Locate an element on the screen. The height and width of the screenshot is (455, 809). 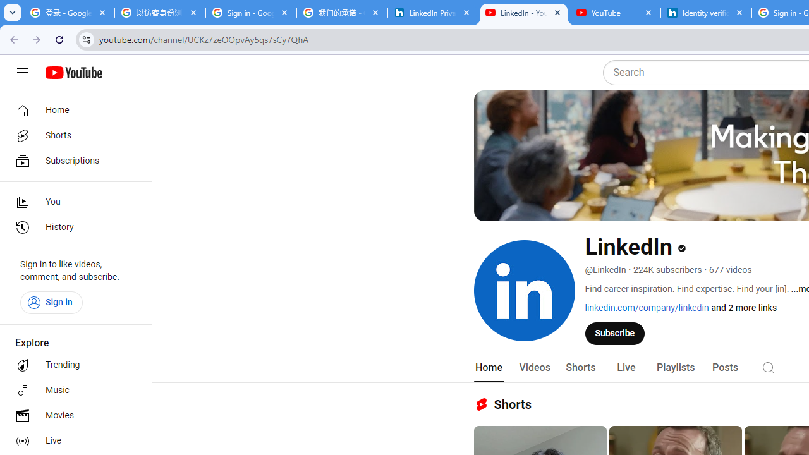
'Subscribe' is located at coordinates (615, 332).